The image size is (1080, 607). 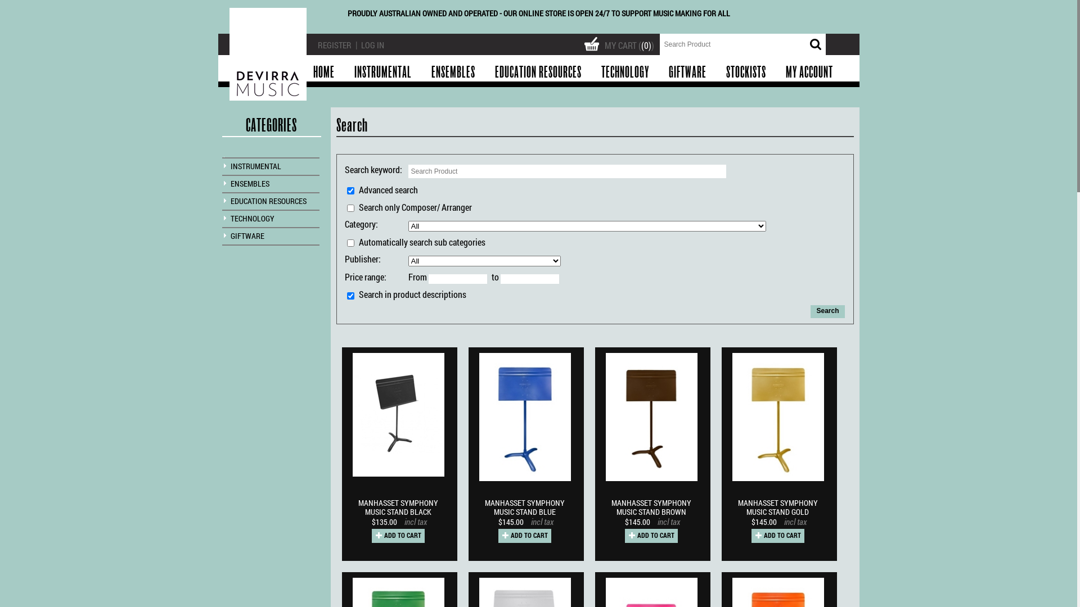 What do you see at coordinates (715, 72) in the screenshot?
I see `'STOCKISTS'` at bounding box center [715, 72].